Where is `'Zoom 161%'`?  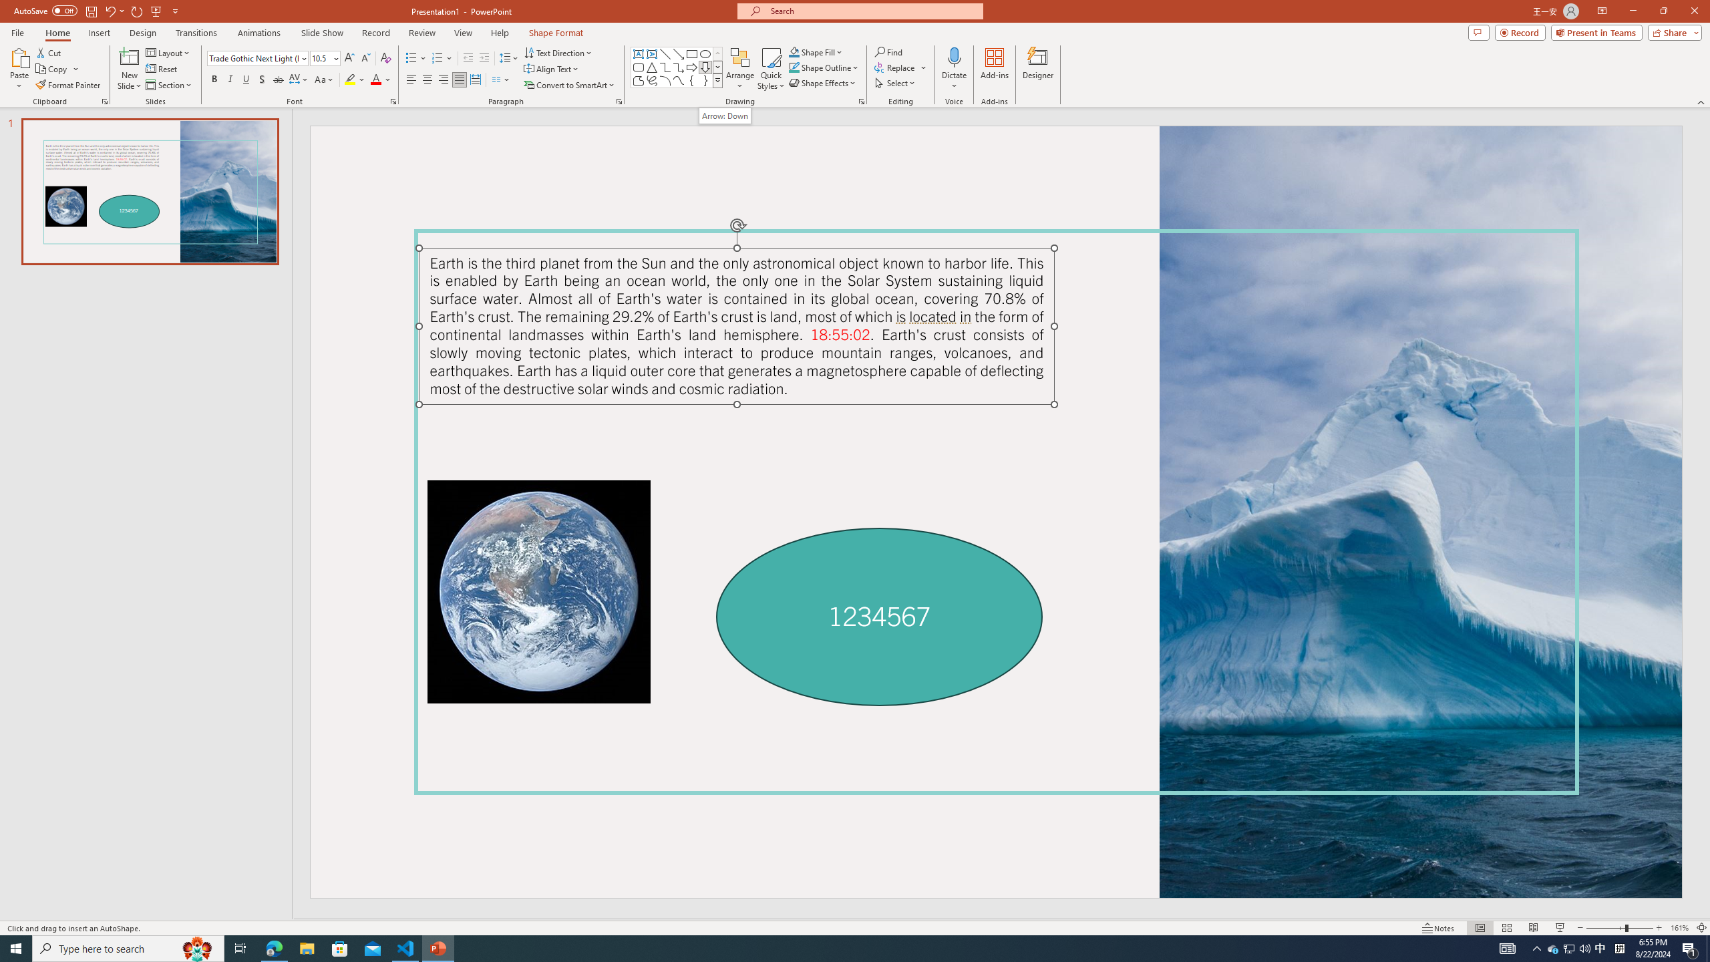
'Zoom 161%' is located at coordinates (1680, 928).